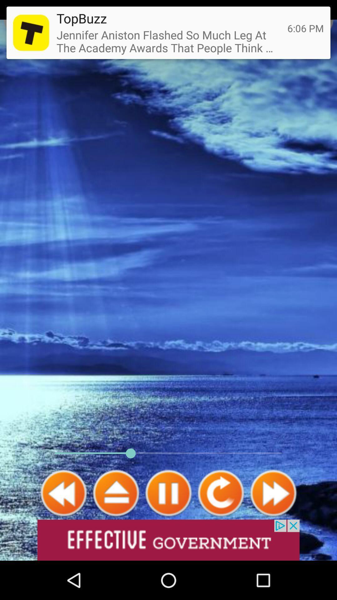 The image size is (337, 600). What do you see at coordinates (273, 527) in the screenshot?
I see `the av_forward icon` at bounding box center [273, 527].